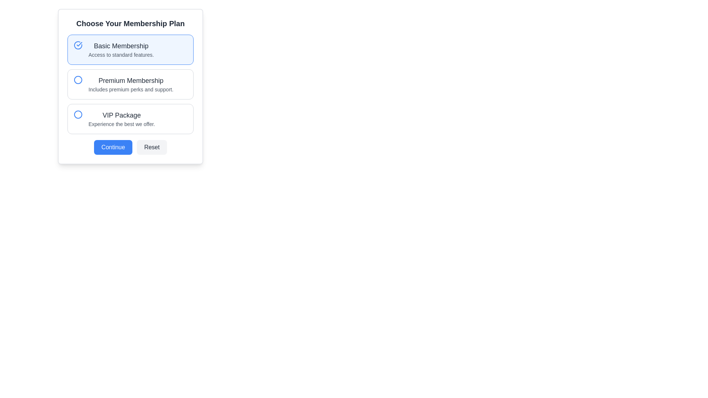  What do you see at coordinates (131, 84) in the screenshot?
I see `the radio button option for the premium membership plan` at bounding box center [131, 84].